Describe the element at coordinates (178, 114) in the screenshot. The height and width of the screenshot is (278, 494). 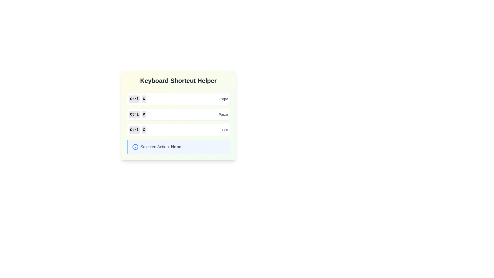
I see `the 'Paste' button which displays the keyboard shortcut 'Ctrl+V' in the 'Keyboard Shortcut Helper' section, located below the 'Ctrl+C Copy' button` at that location.